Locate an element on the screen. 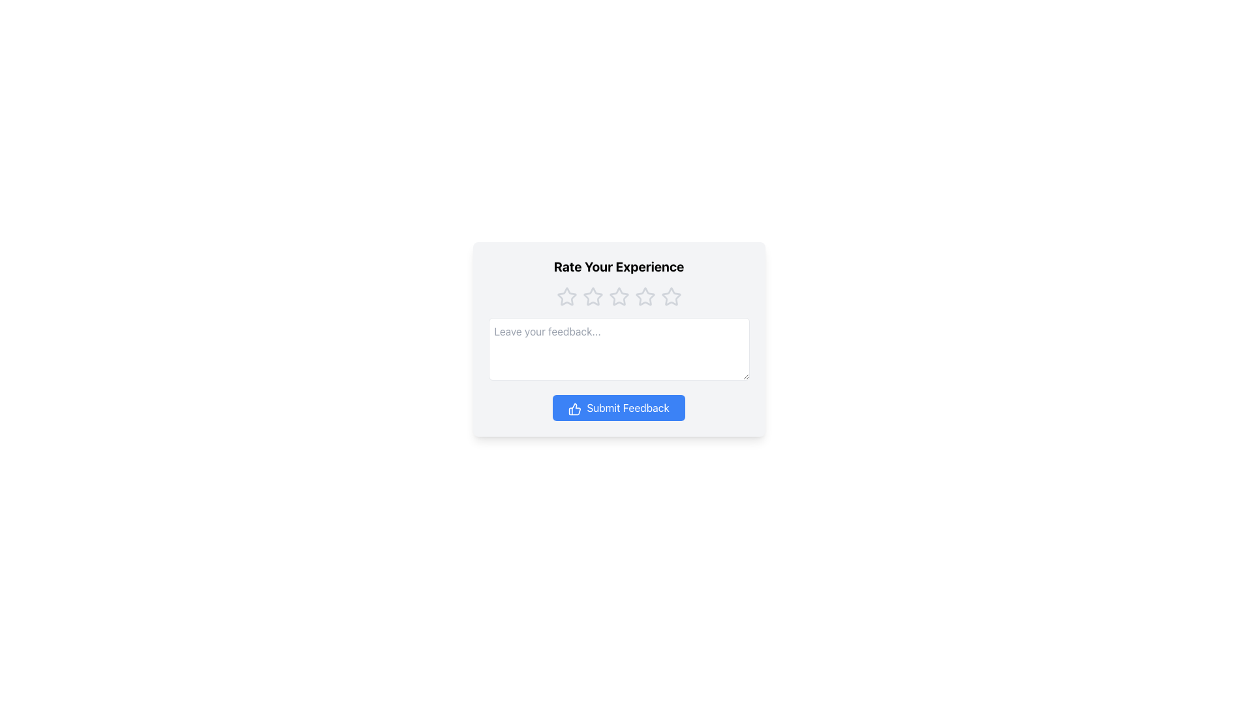 Image resolution: width=1253 pixels, height=705 pixels. the first star in the horizontal line of five stars is located at coordinates (592, 296).